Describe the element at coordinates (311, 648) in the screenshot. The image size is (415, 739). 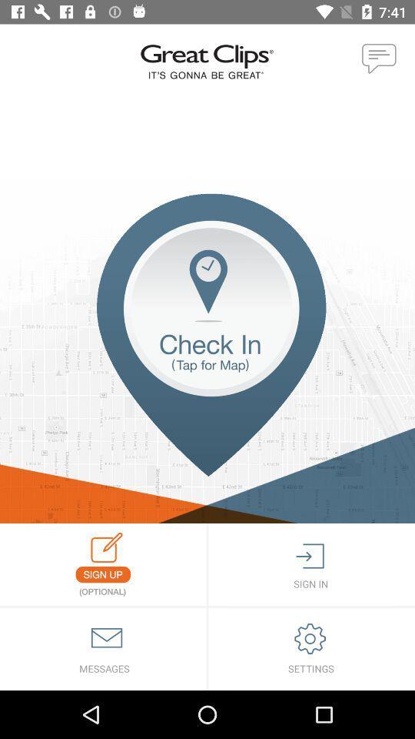
I see `open settings` at that location.